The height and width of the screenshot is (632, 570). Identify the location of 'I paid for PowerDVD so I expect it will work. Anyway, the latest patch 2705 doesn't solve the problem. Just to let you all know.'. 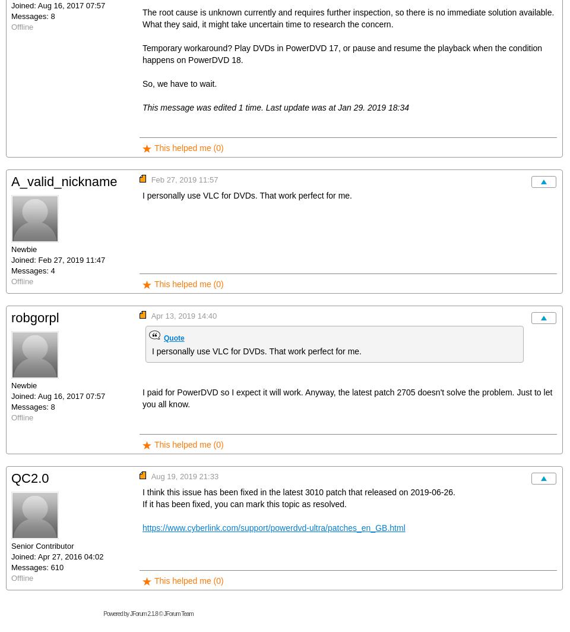
(347, 398).